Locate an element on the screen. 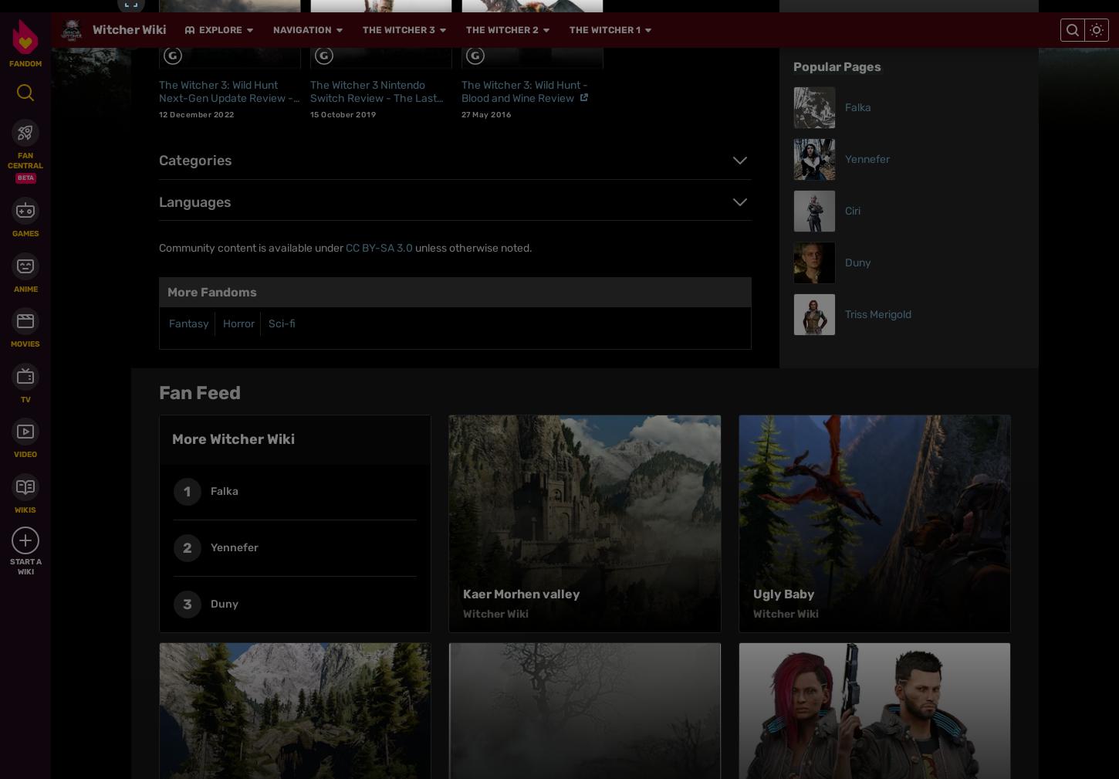  'V (character)' is located at coordinates (791, 29).